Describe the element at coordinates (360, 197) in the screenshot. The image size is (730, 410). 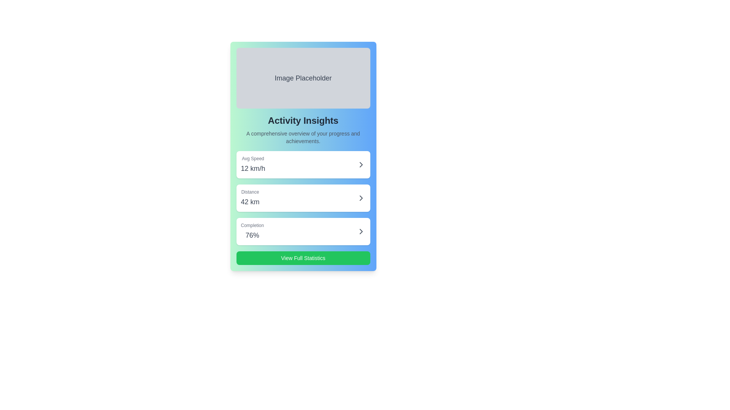
I see `the chevron icon pointing right, located at the far right of the 'Distance' row following the text '42 km'` at that location.